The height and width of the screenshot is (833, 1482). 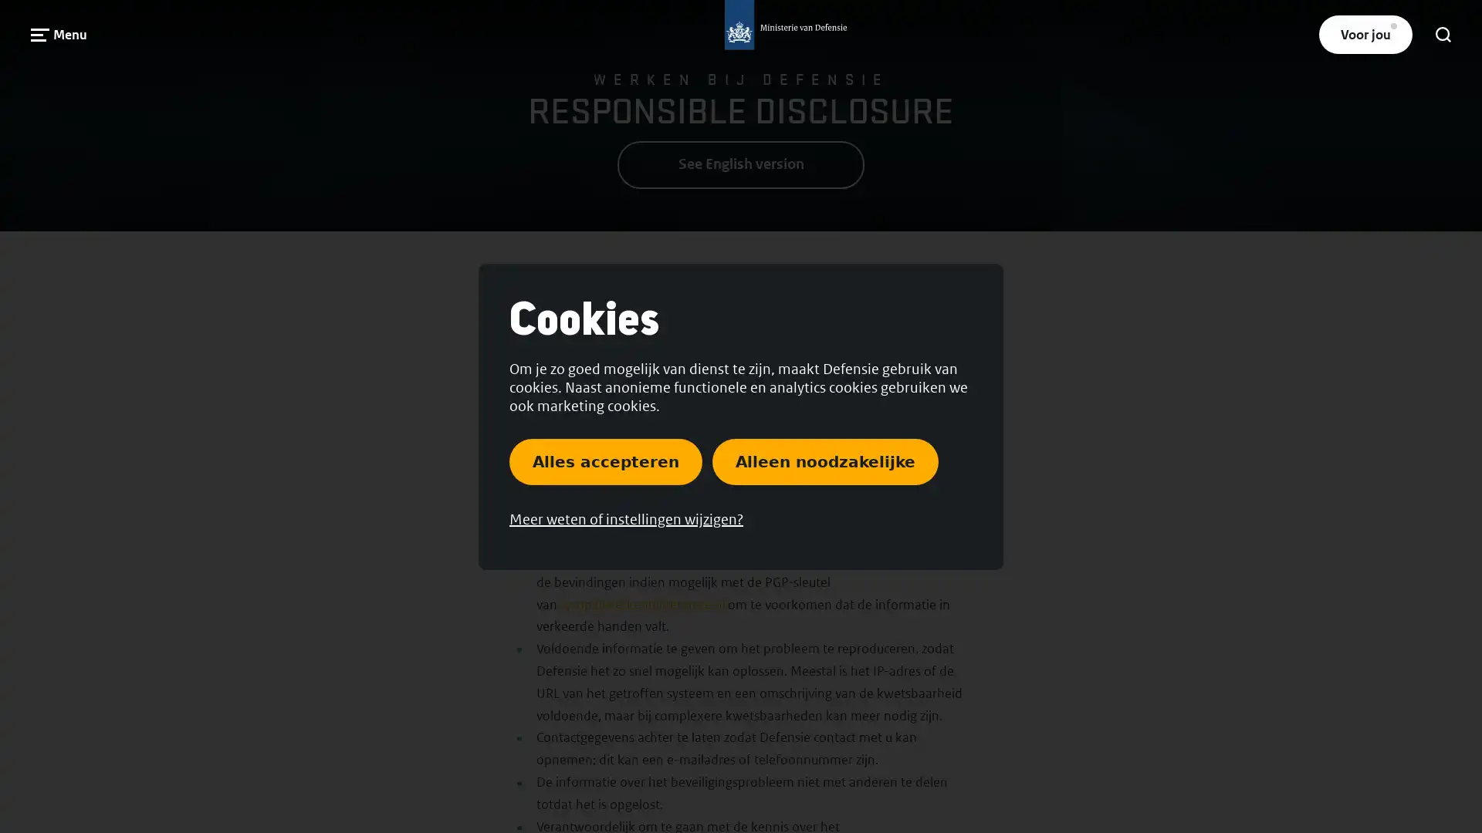 What do you see at coordinates (824, 460) in the screenshot?
I see `Alleen noodzakelijke` at bounding box center [824, 460].